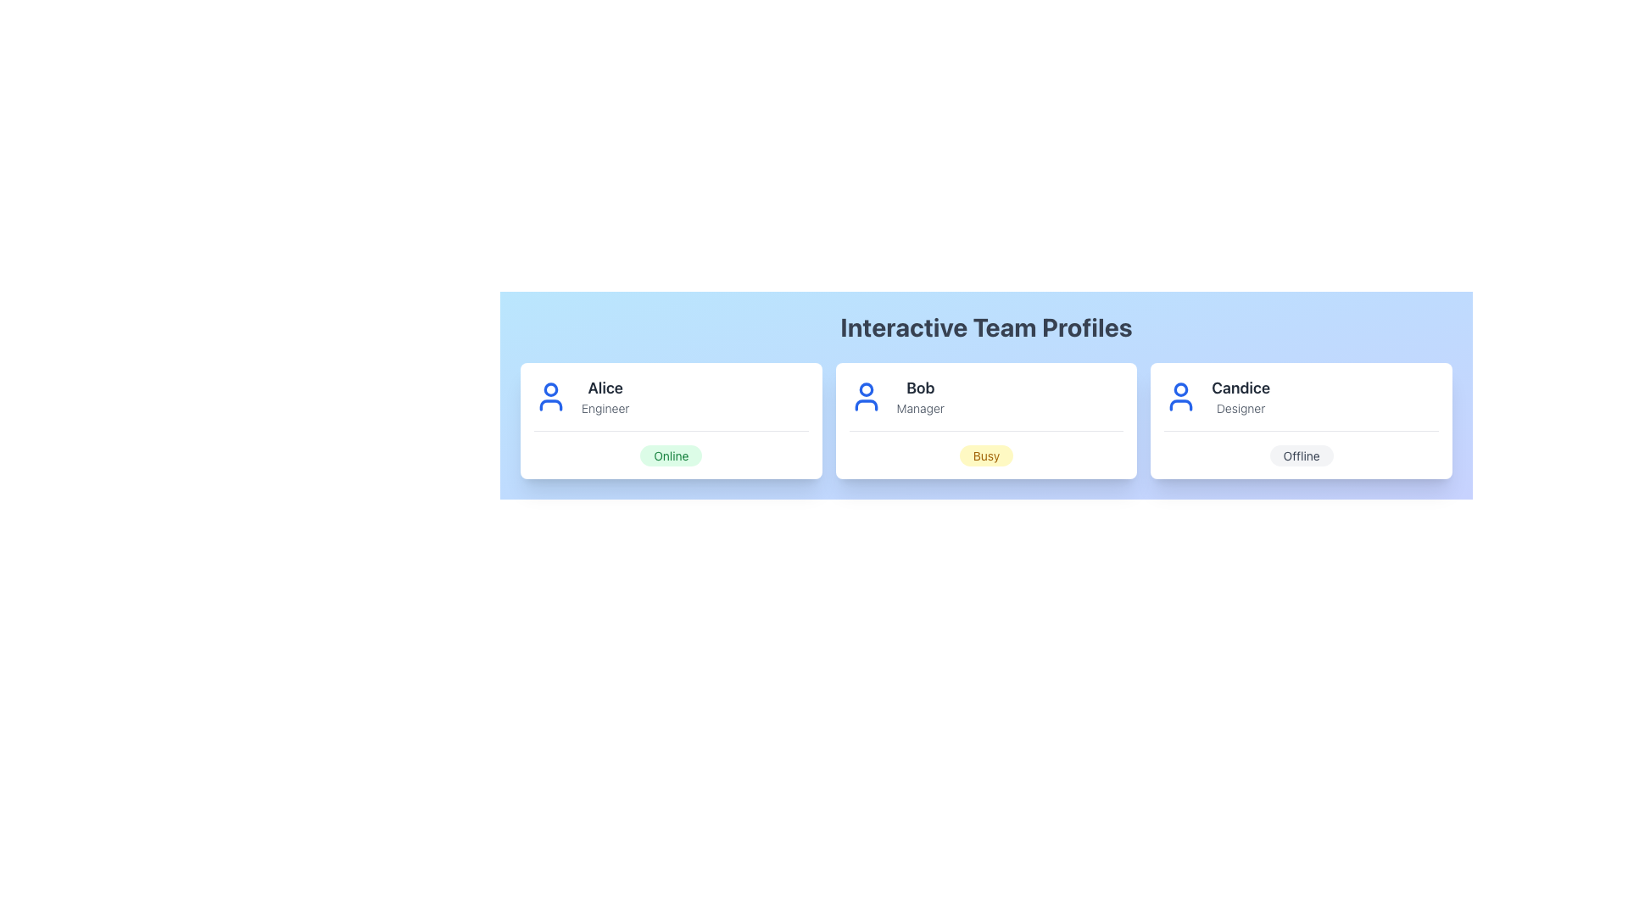 This screenshot has width=1628, height=916. What do you see at coordinates (670, 455) in the screenshot?
I see `the 'Online' status label indicating Alice's current status within her profile card in the 'Interactive Team Profiles' section` at bounding box center [670, 455].